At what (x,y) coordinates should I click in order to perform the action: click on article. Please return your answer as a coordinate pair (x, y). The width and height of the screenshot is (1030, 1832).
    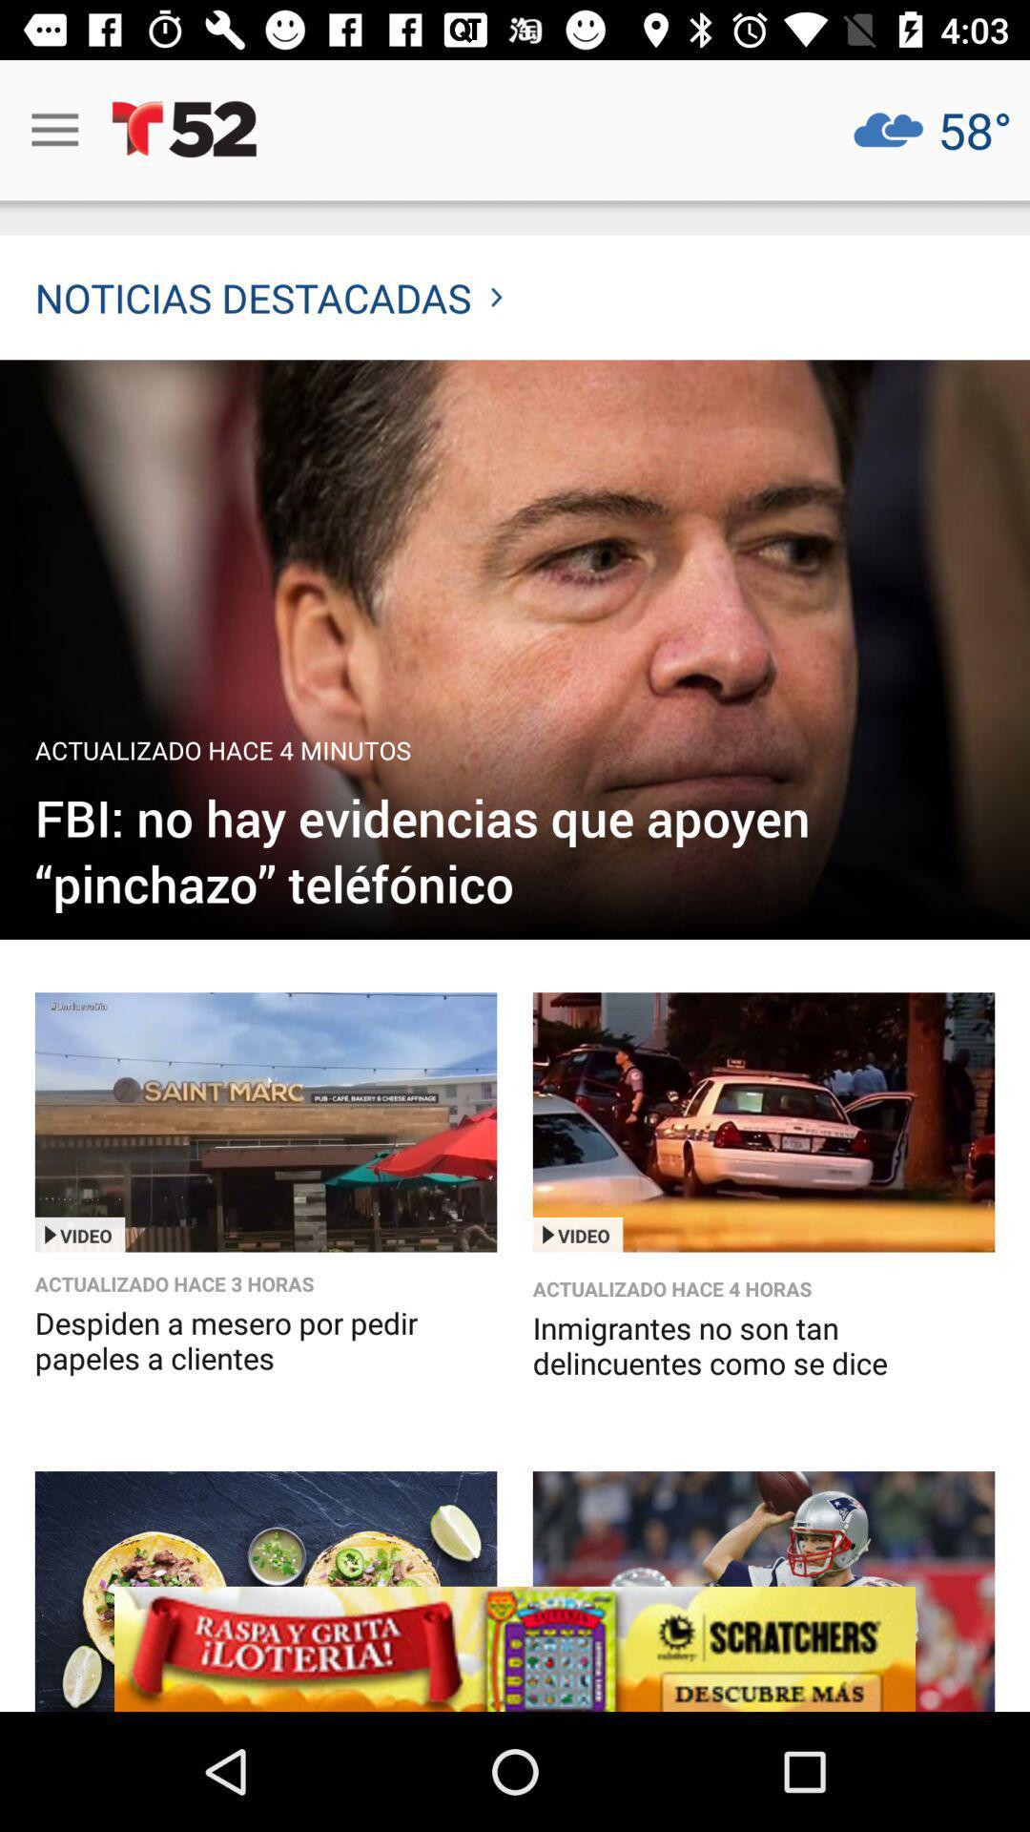
    Looking at the image, I should click on (265, 1591).